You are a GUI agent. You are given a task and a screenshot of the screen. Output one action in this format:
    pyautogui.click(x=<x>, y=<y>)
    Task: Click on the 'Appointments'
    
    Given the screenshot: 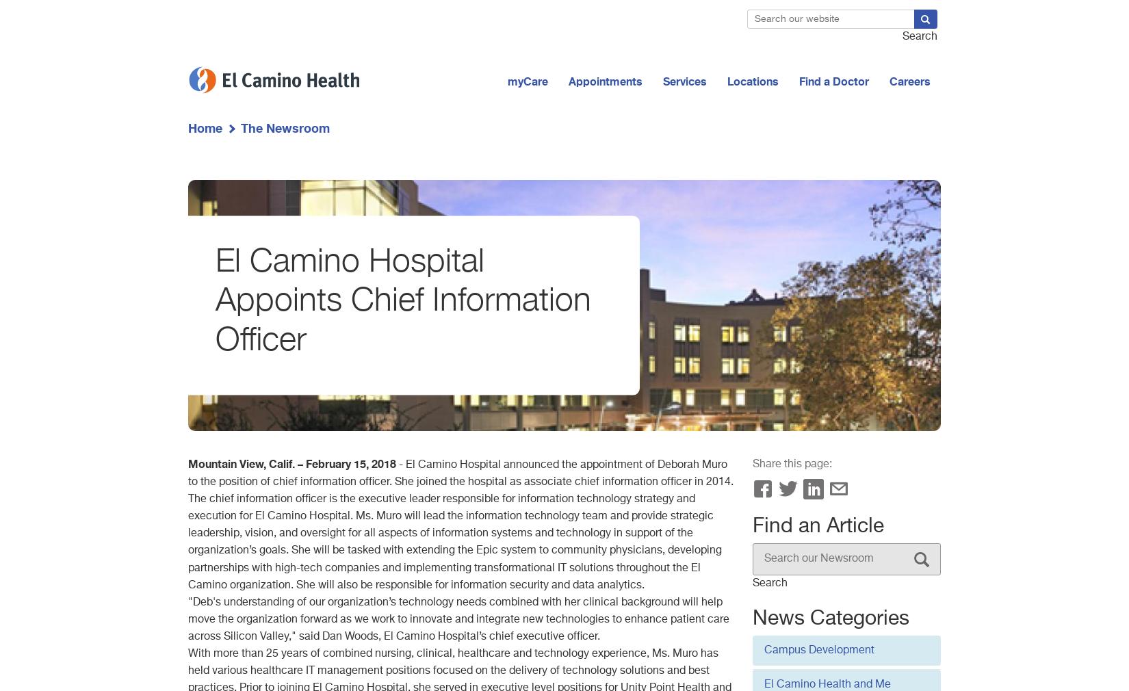 What is the action you would take?
    pyautogui.click(x=568, y=80)
    